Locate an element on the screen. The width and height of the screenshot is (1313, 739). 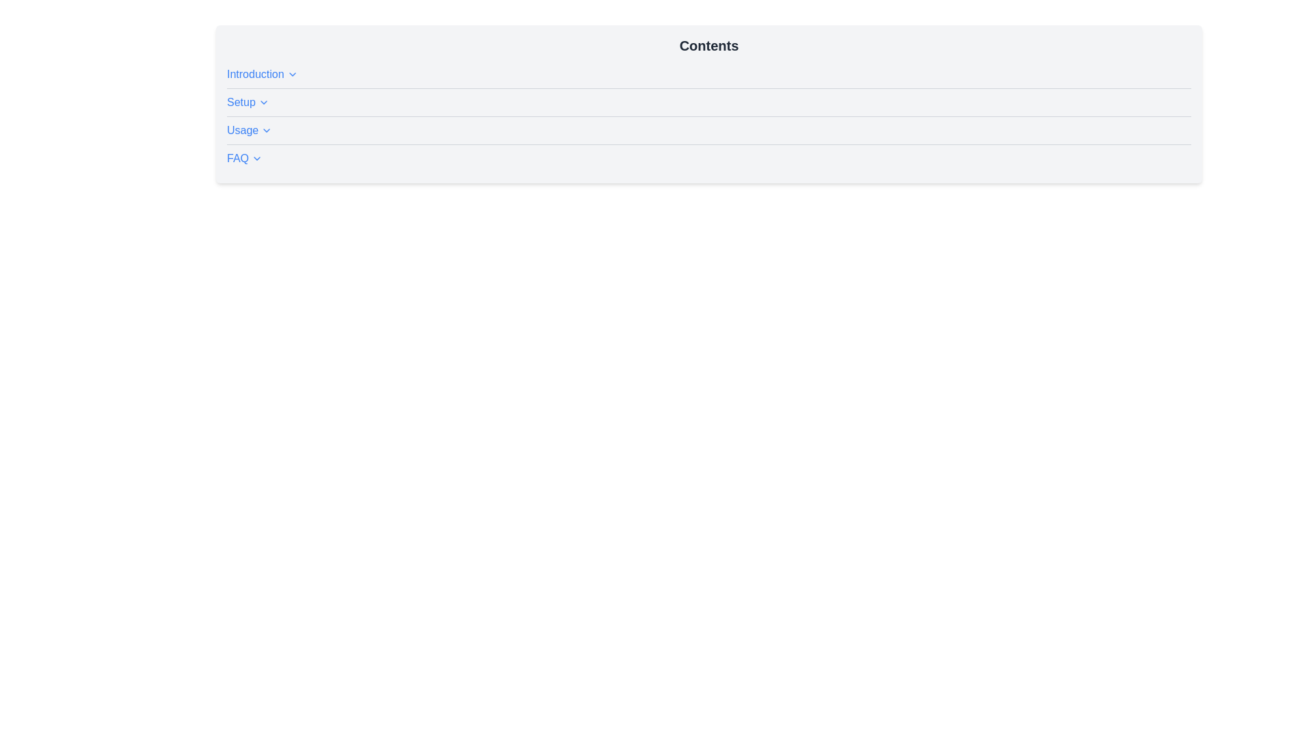
the interactive 'FAQ' link with a blue font color and an underline, which is the fourth item in the list is located at coordinates (708, 157).